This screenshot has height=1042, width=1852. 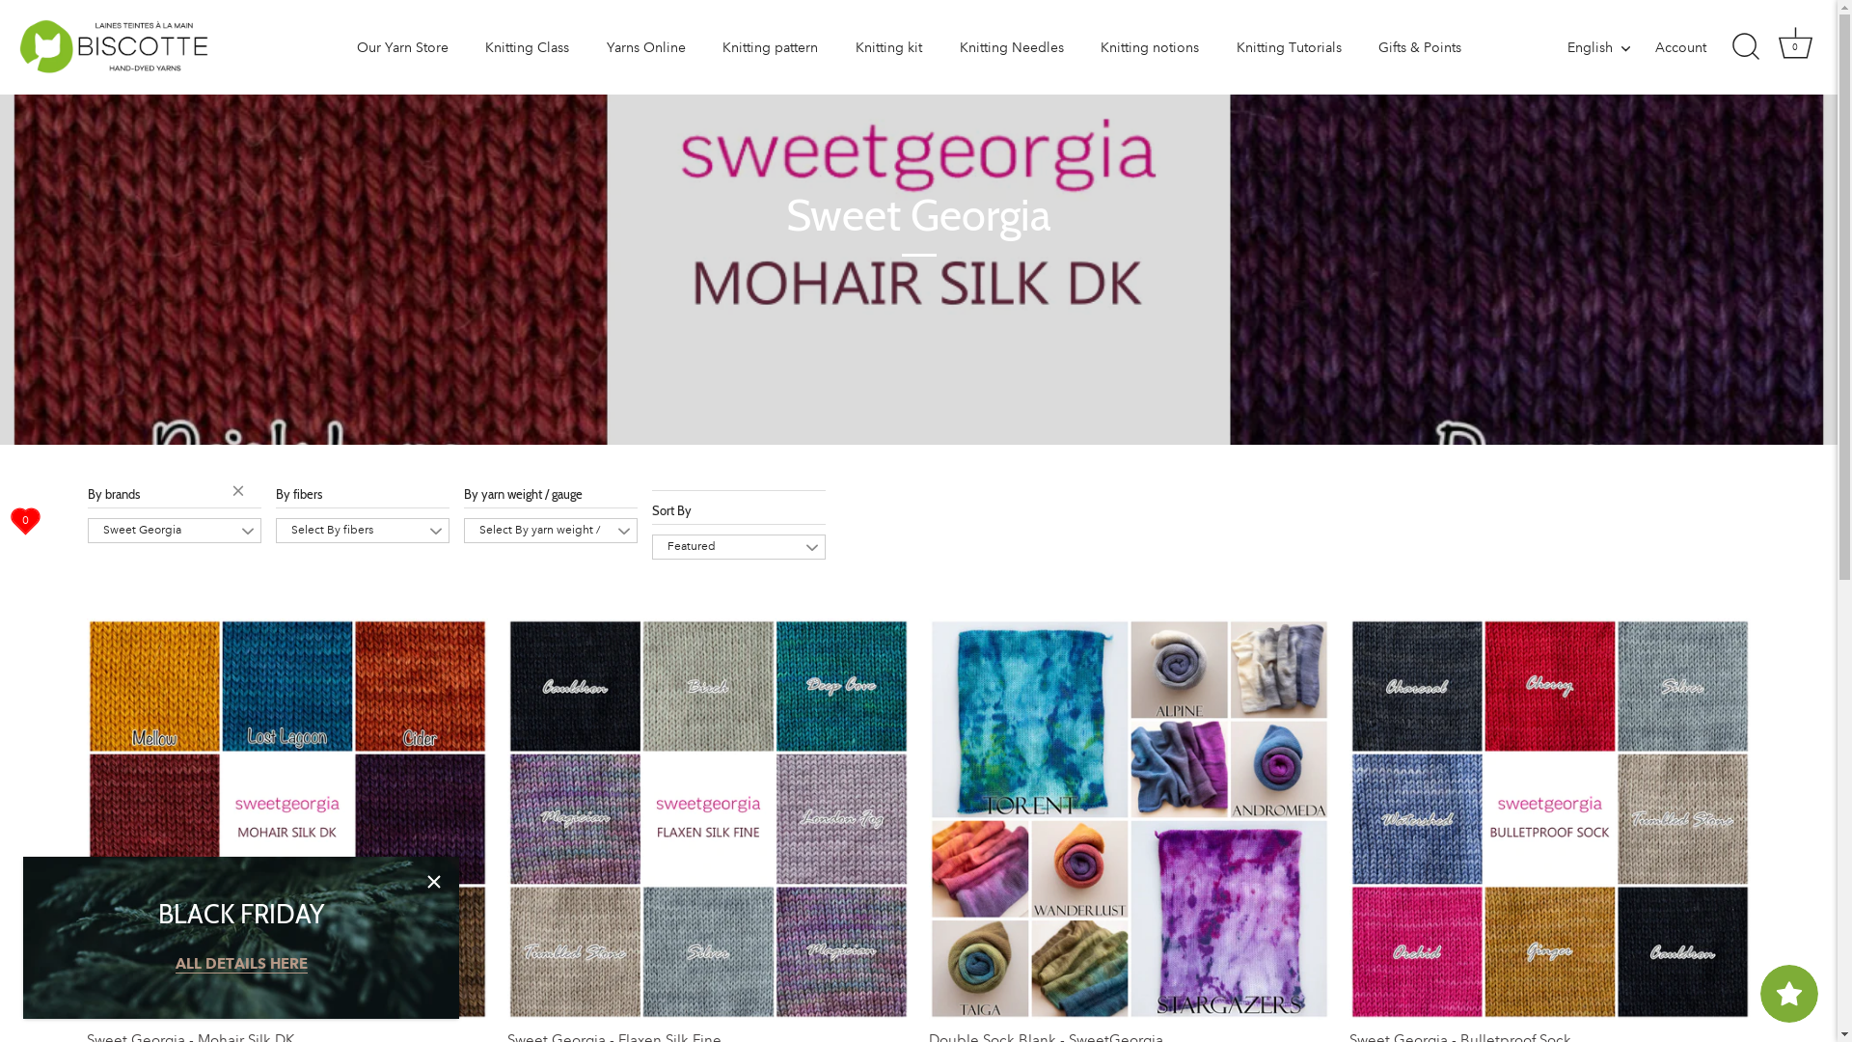 I want to click on 'ALL DETAILS HERE', so click(x=176, y=964).